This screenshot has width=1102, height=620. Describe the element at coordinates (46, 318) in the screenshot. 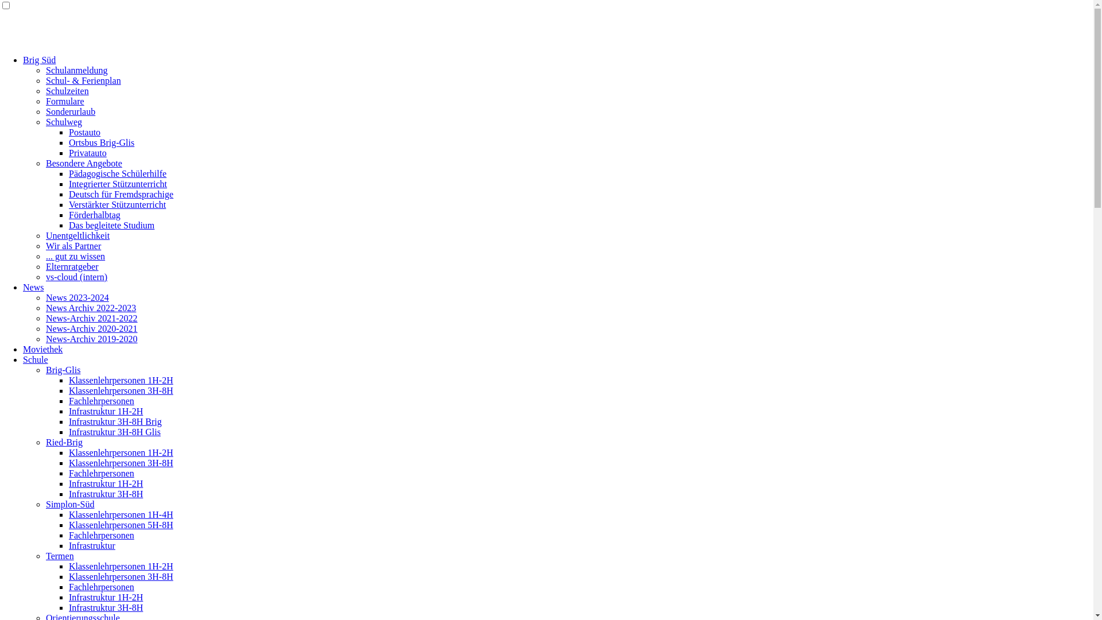

I see `'News-Archiv 2021-2022'` at that location.